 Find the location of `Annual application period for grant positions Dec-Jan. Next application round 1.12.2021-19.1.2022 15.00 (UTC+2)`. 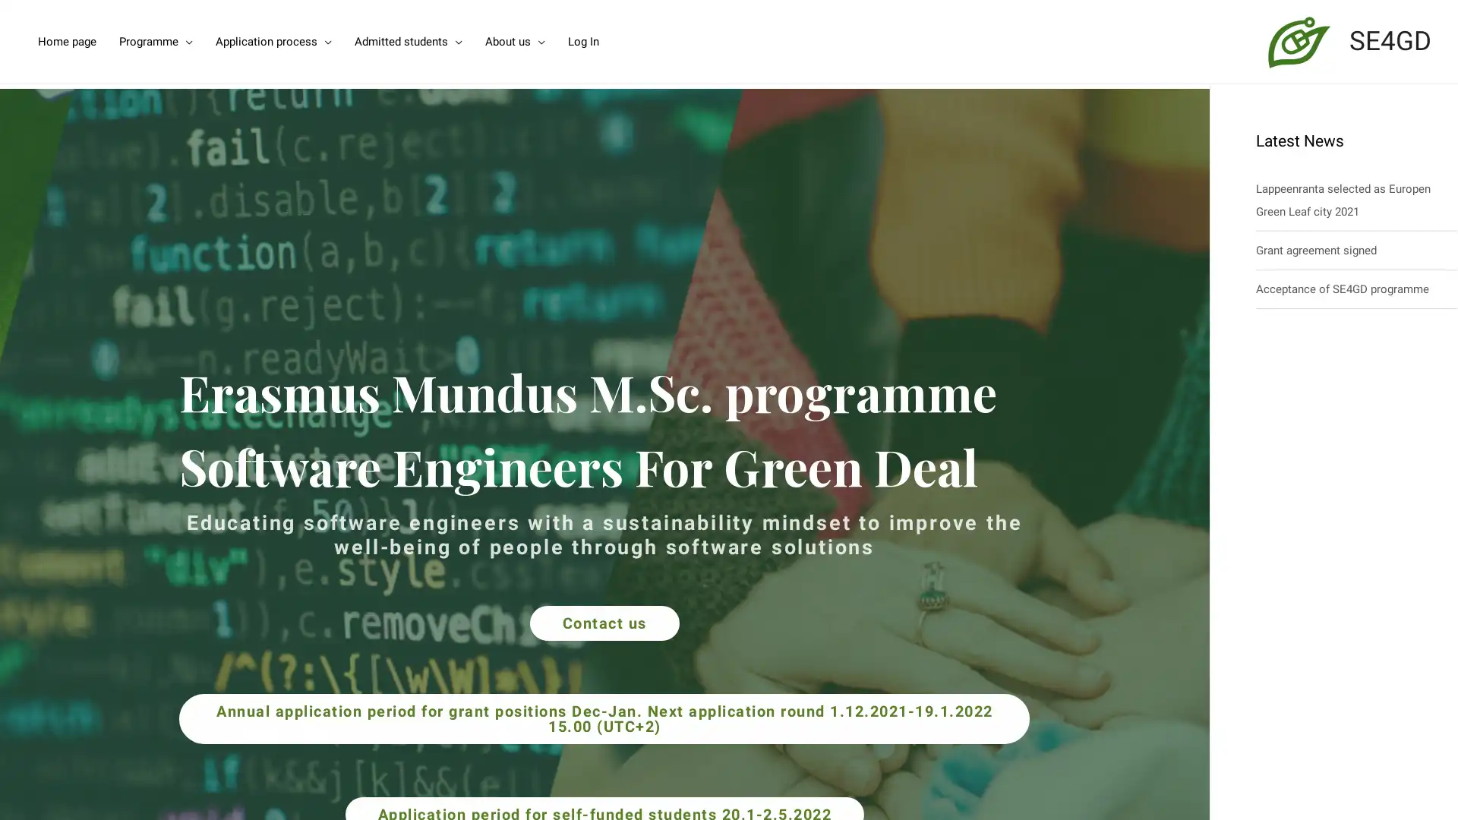

Annual application period for grant positions Dec-Jan. Next application round 1.12.2021-19.1.2022 15.00 (UTC+2) is located at coordinates (604, 717).